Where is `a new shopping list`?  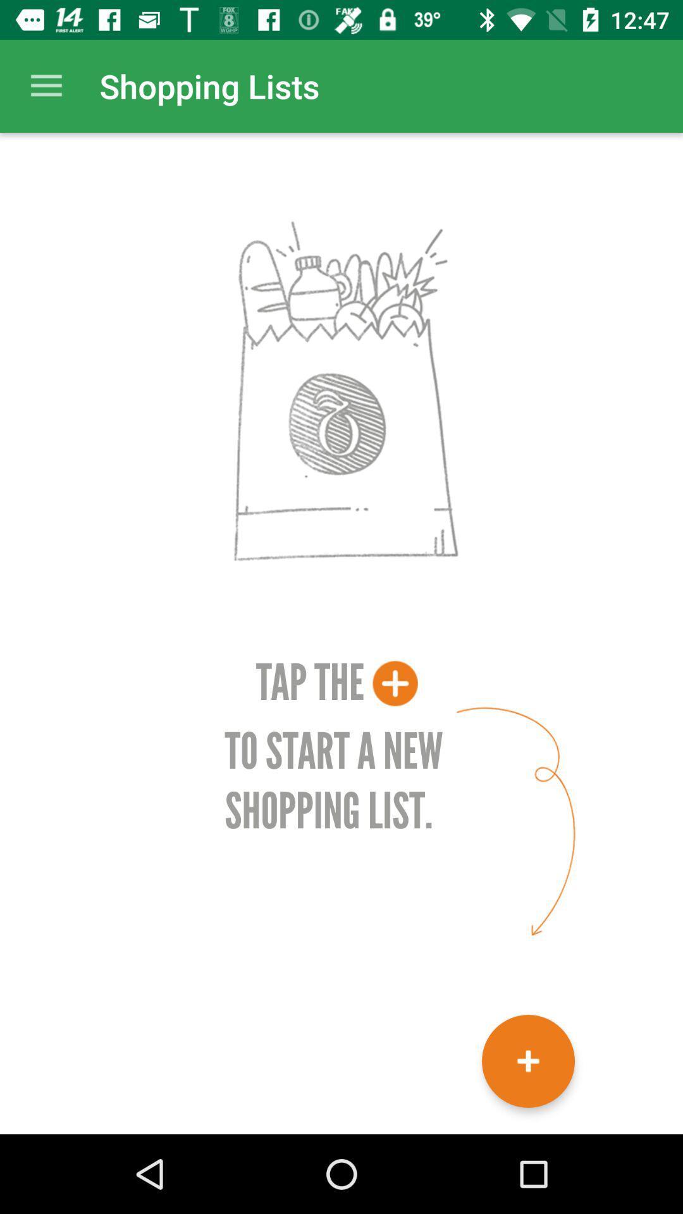
a new shopping list is located at coordinates (528, 1061).